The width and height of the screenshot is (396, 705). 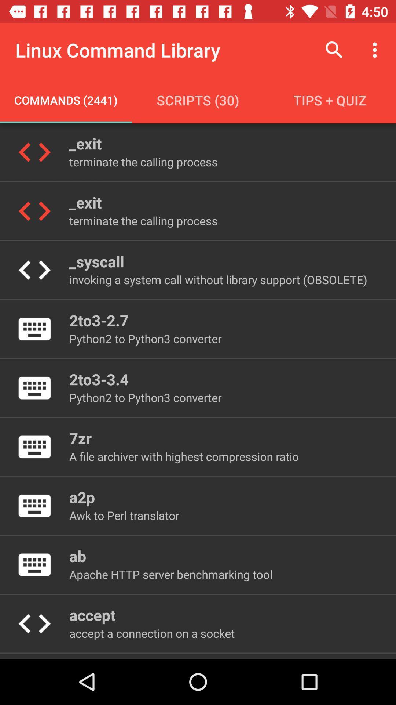 What do you see at coordinates (96, 261) in the screenshot?
I see `item below the terminate the calling icon` at bounding box center [96, 261].